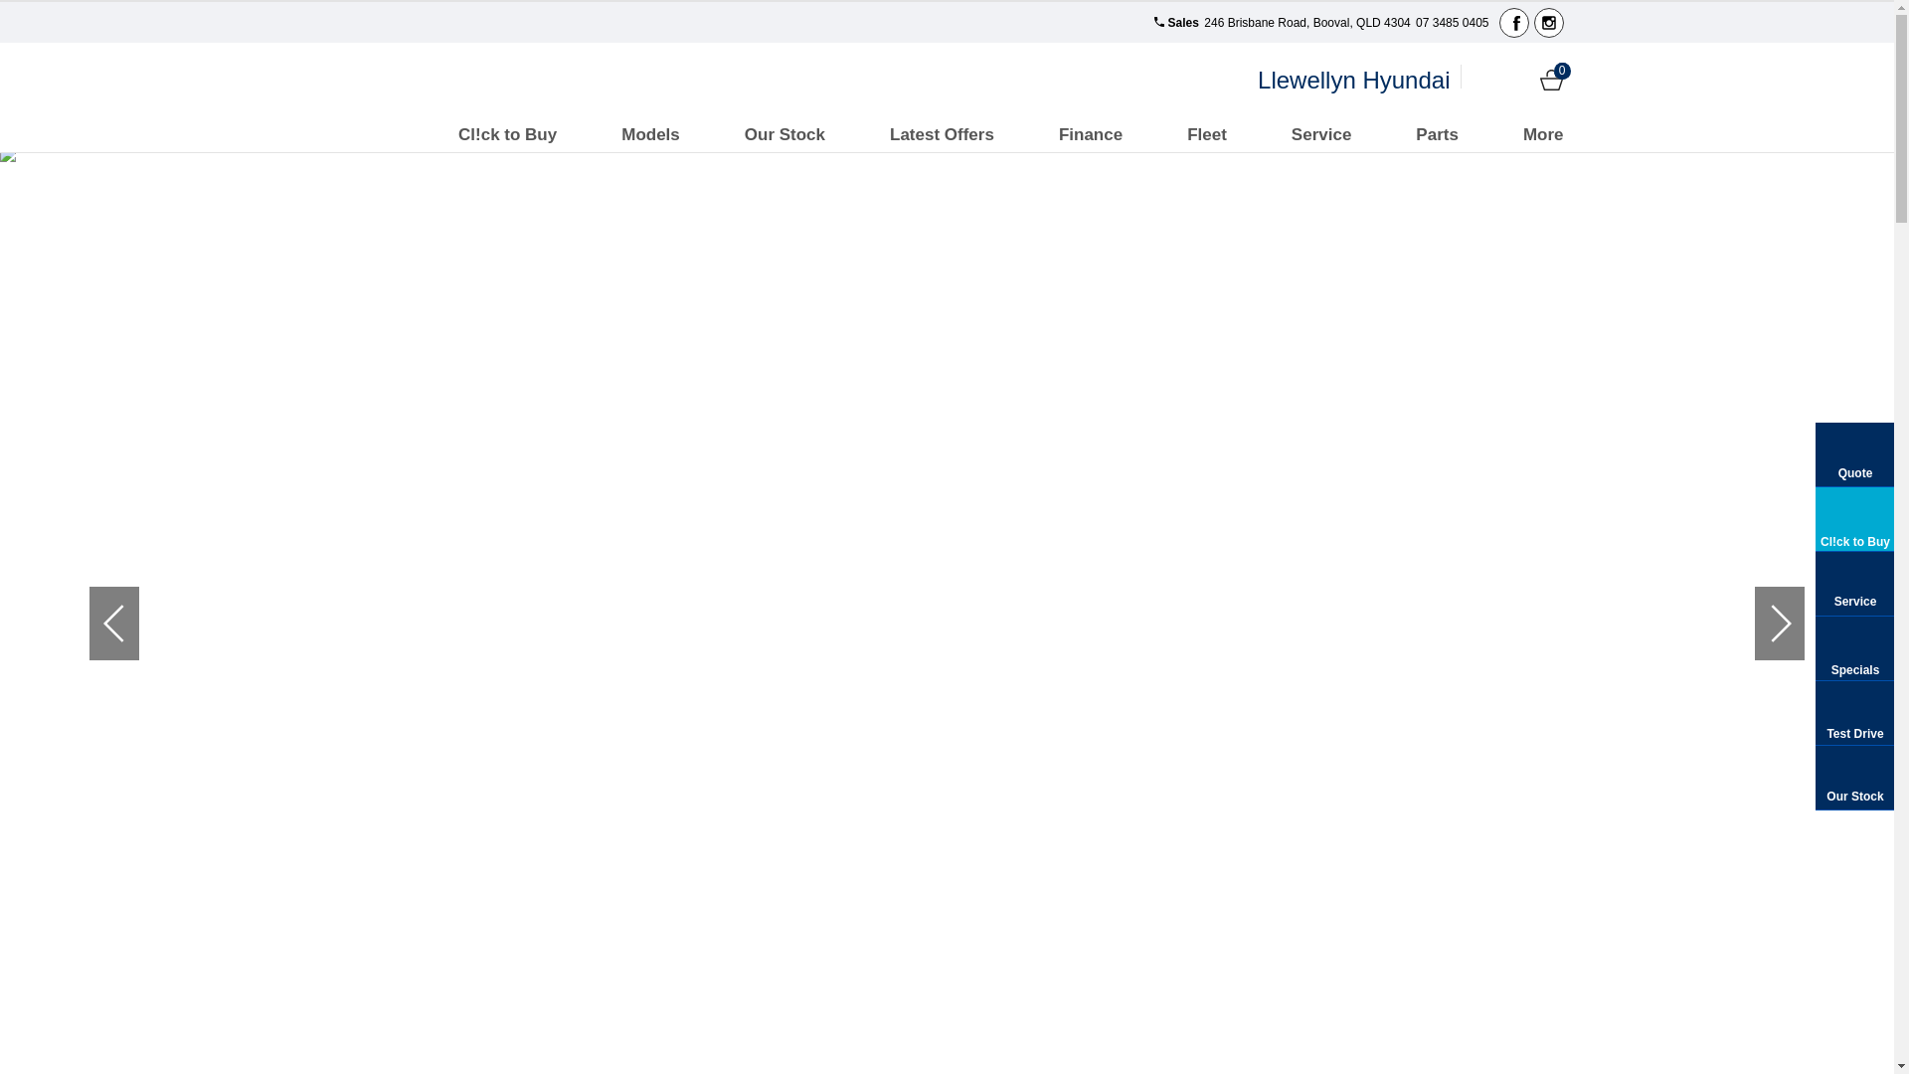 The image size is (1909, 1074). I want to click on 'Sales', so click(1173, 23).